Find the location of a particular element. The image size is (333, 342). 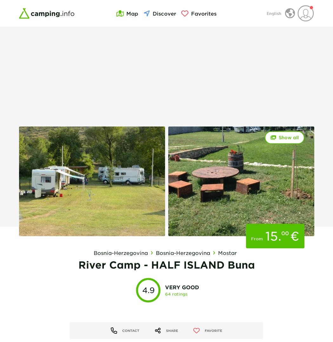

'.' is located at coordinates (277, 236).